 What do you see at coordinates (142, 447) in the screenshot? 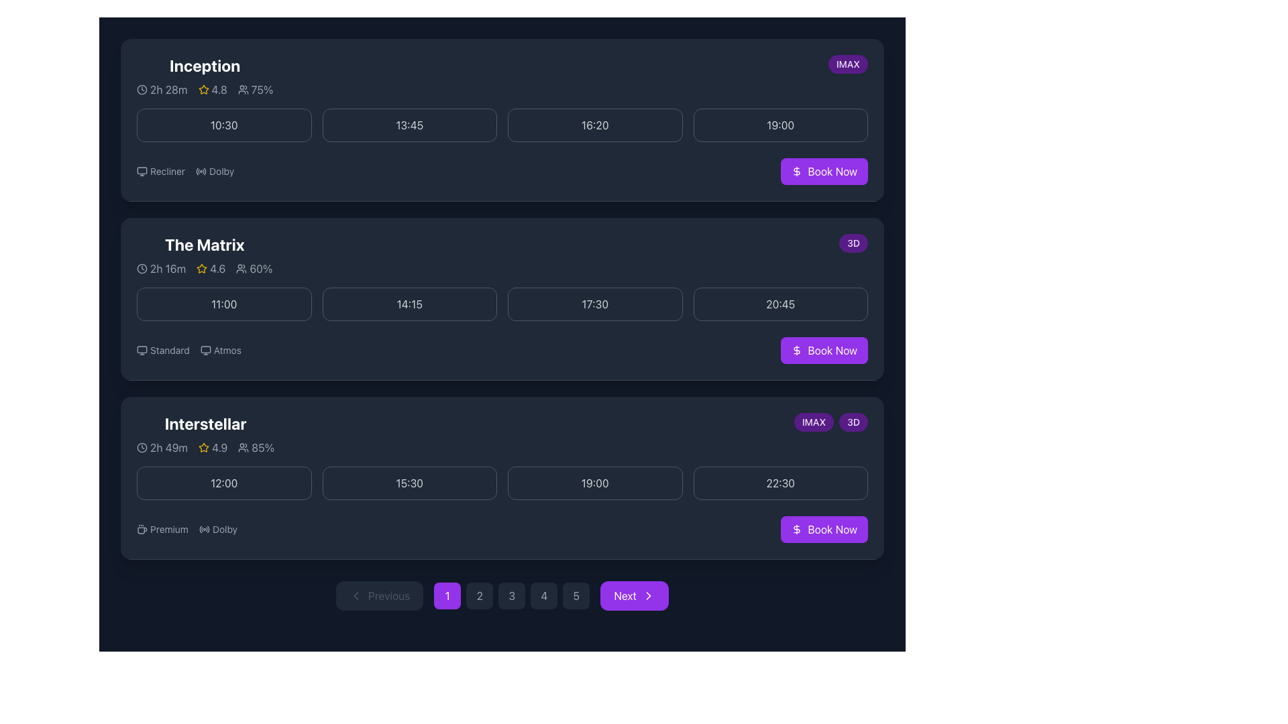
I see `the circular red clock icon with a gray stroke located near the '2h 49m' text in the 'Interstellar' section of the third movie block` at bounding box center [142, 447].